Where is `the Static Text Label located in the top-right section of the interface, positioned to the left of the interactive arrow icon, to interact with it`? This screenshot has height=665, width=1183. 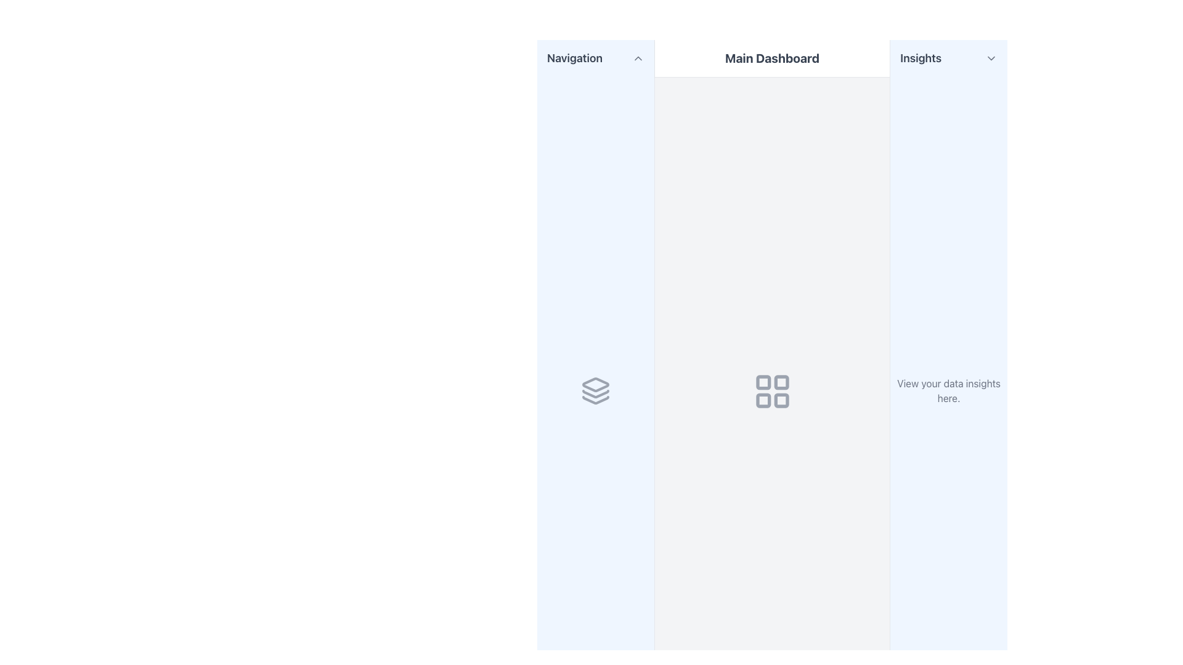
the Static Text Label located in the top-right section of the interface, positioned to the left of the interactive arrow icon, to interact with it is located at coordinates (920, 58).